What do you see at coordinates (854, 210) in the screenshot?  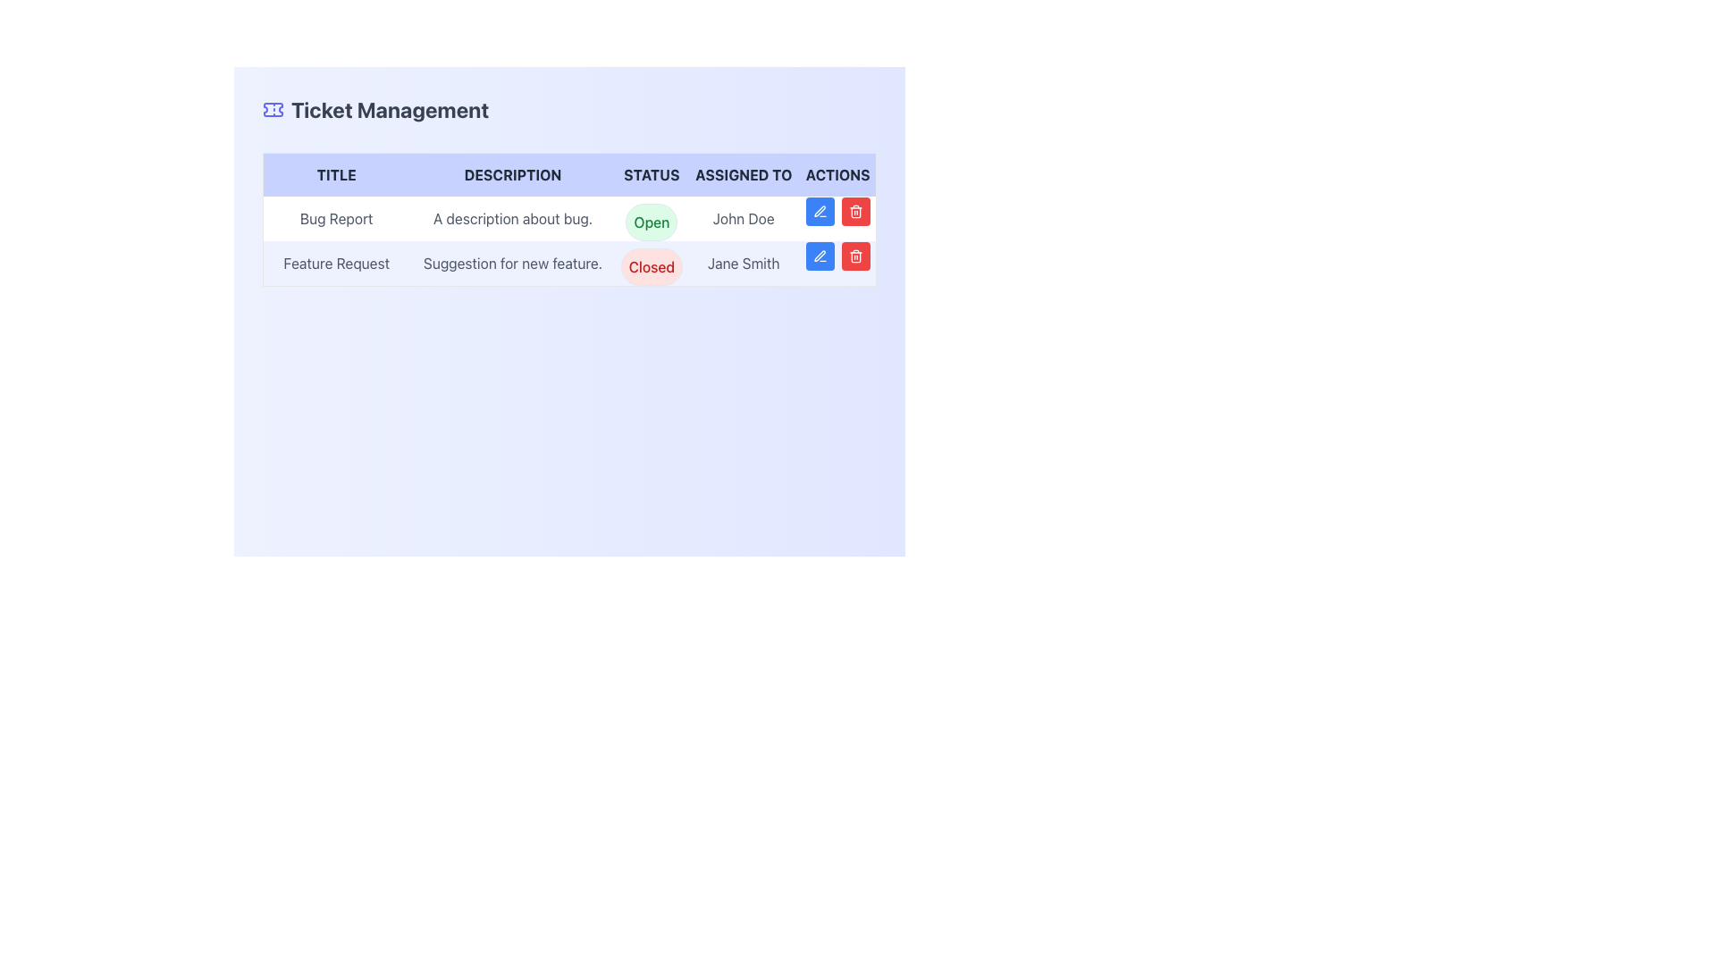 I see `the red button with a white trash can icon in the 'Actions' column of the second row` at bounding box center [854, 210].